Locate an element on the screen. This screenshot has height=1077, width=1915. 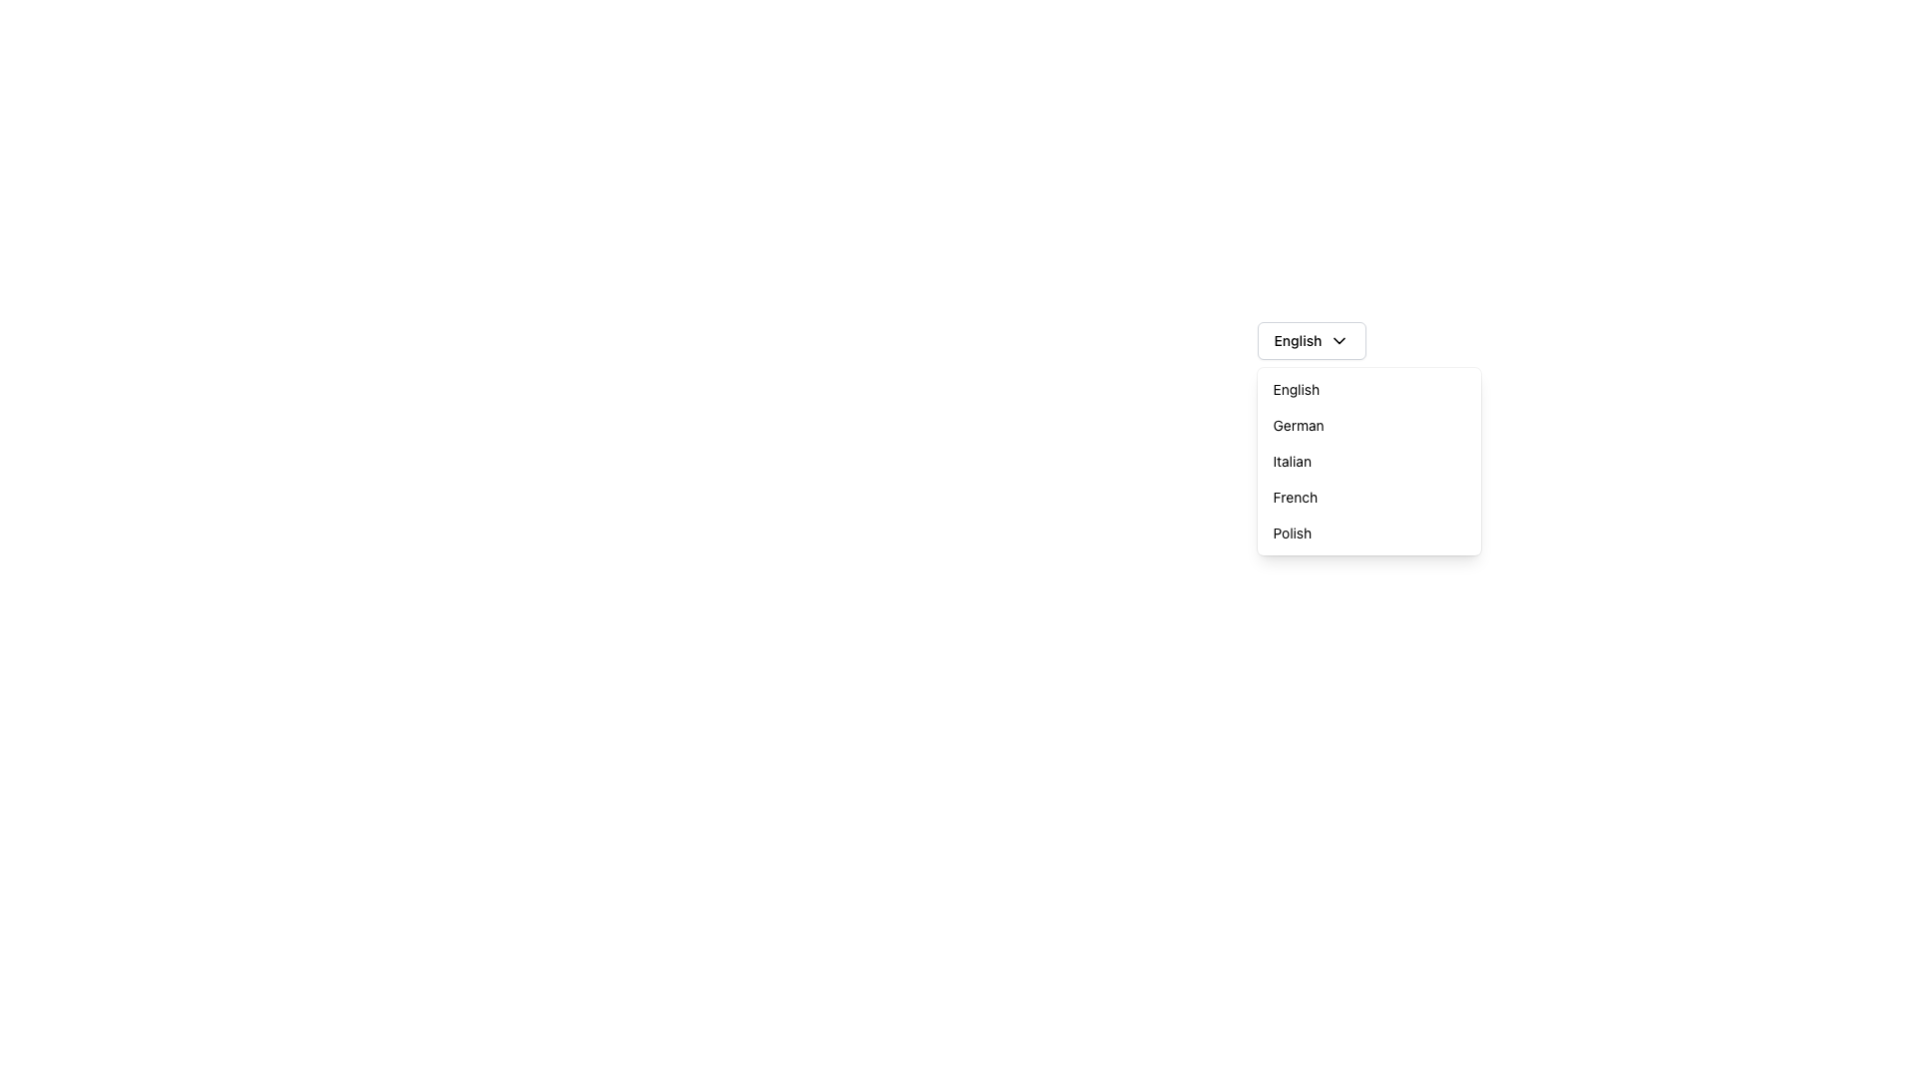
the fifth selectable option in the dropdown menu that sets the application's language to Polish, highlighting it is located at coordinates (1367, 533).